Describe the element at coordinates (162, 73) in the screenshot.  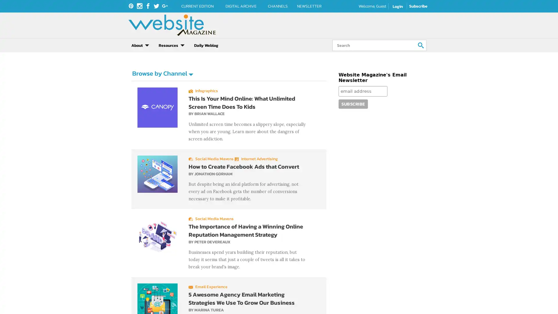
I see `Browse by Channel` at that location.